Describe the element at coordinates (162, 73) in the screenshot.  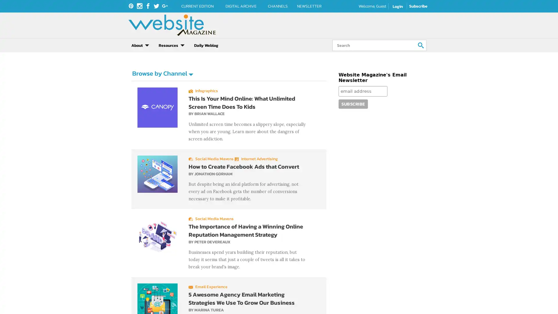
I see `Browse by Channel` at that location.